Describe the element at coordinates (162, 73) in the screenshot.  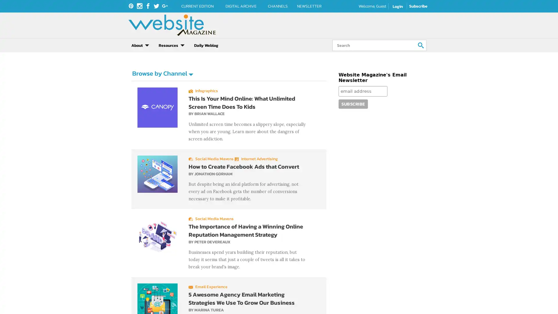
I see `Browse by Channel` at that location.